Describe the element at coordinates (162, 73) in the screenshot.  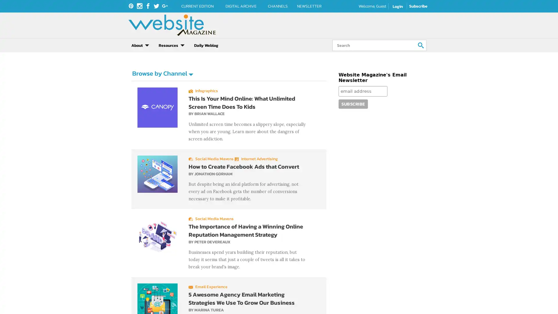
I see `Browse by Channel` at that location.